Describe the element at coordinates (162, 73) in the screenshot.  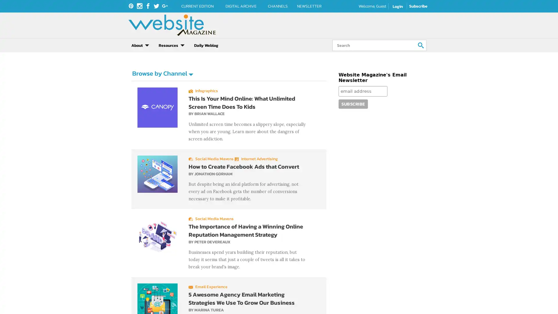
I see `Browse by Channel` at that location.